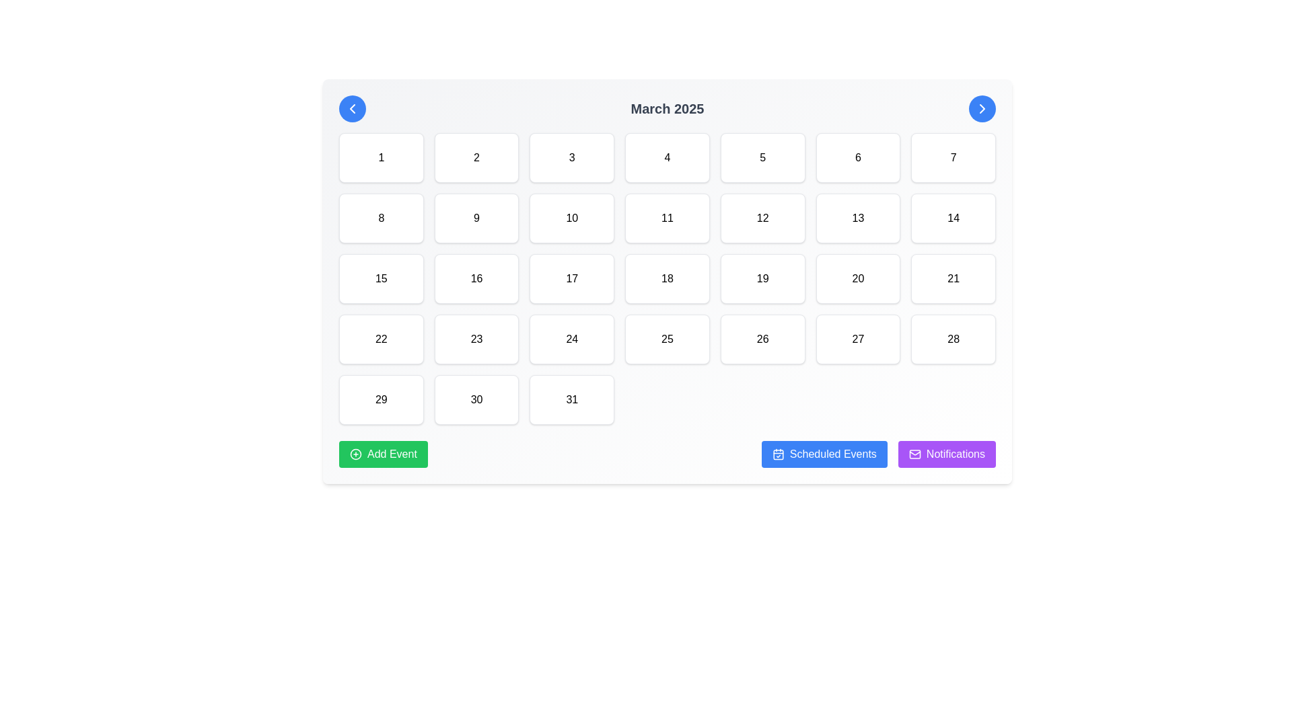  Describe the element at coordinates (953, 157) in the screenshot. I see `the static text element representing the numerical day '7' in the March 2025 calendar grid` at that location.